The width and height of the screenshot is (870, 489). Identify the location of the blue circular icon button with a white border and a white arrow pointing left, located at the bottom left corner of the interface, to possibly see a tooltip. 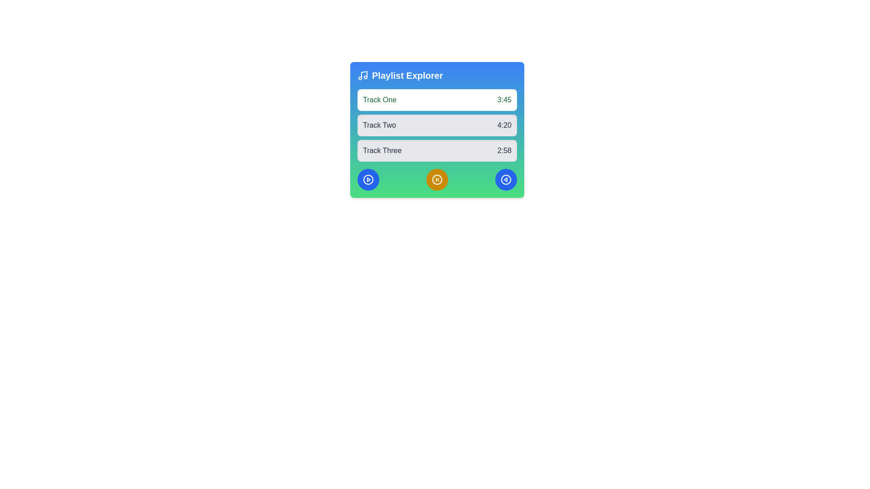
(506, 180).